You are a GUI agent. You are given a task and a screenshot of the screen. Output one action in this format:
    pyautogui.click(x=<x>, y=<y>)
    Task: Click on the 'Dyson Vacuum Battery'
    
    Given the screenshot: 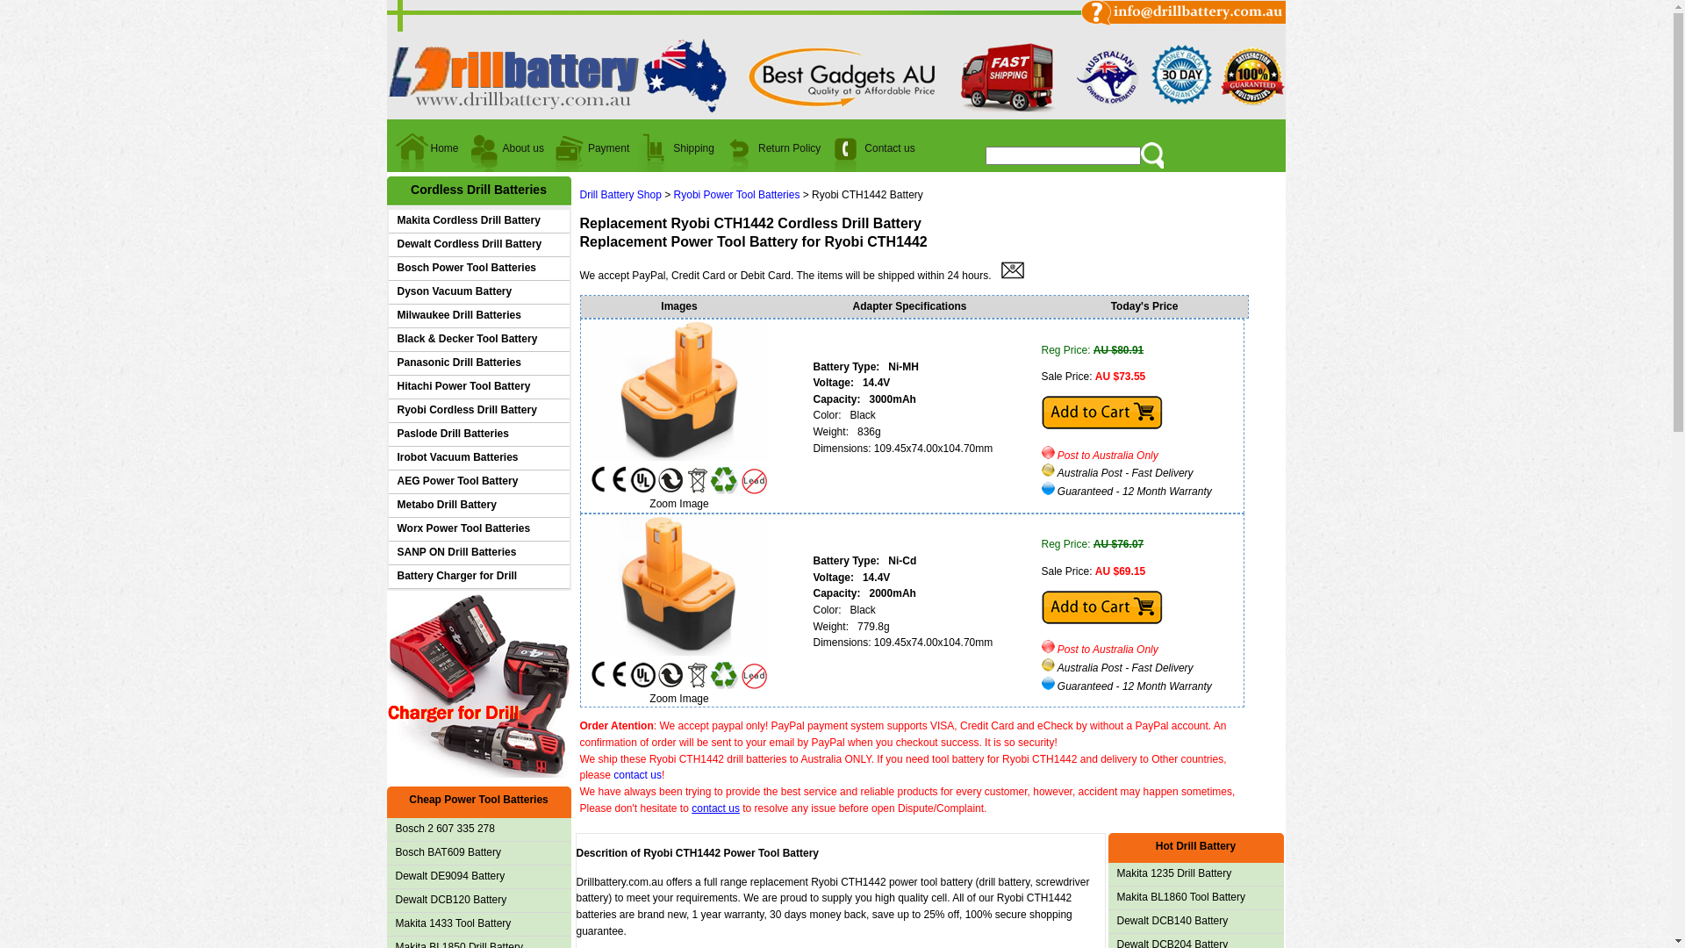 What is the action you would take?
    pyautogui.click(x=478, y=291)
    